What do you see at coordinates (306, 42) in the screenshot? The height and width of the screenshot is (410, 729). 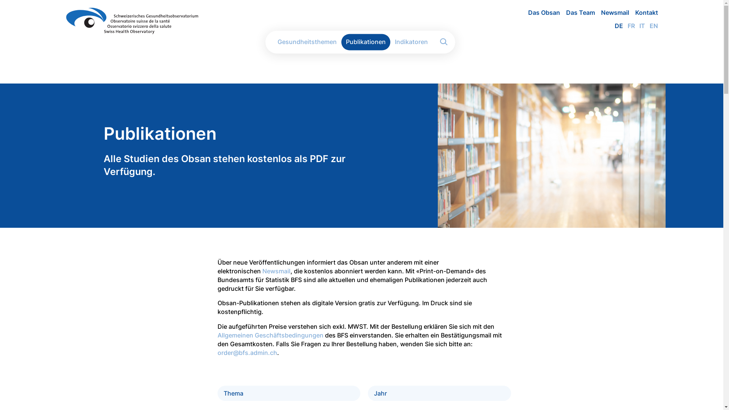 I see `'Gesundheitsthemen'` at bounding box center [306, 42].